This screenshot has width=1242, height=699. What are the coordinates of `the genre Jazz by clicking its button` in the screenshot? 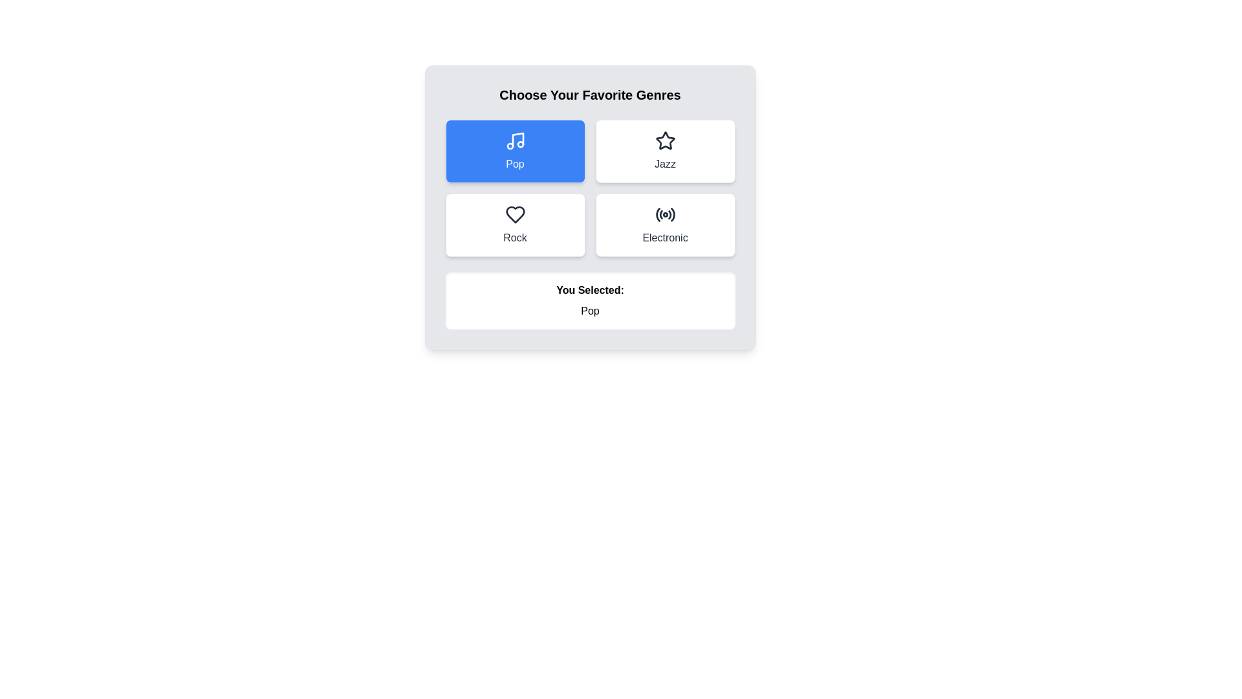 It's located at (665, 151).